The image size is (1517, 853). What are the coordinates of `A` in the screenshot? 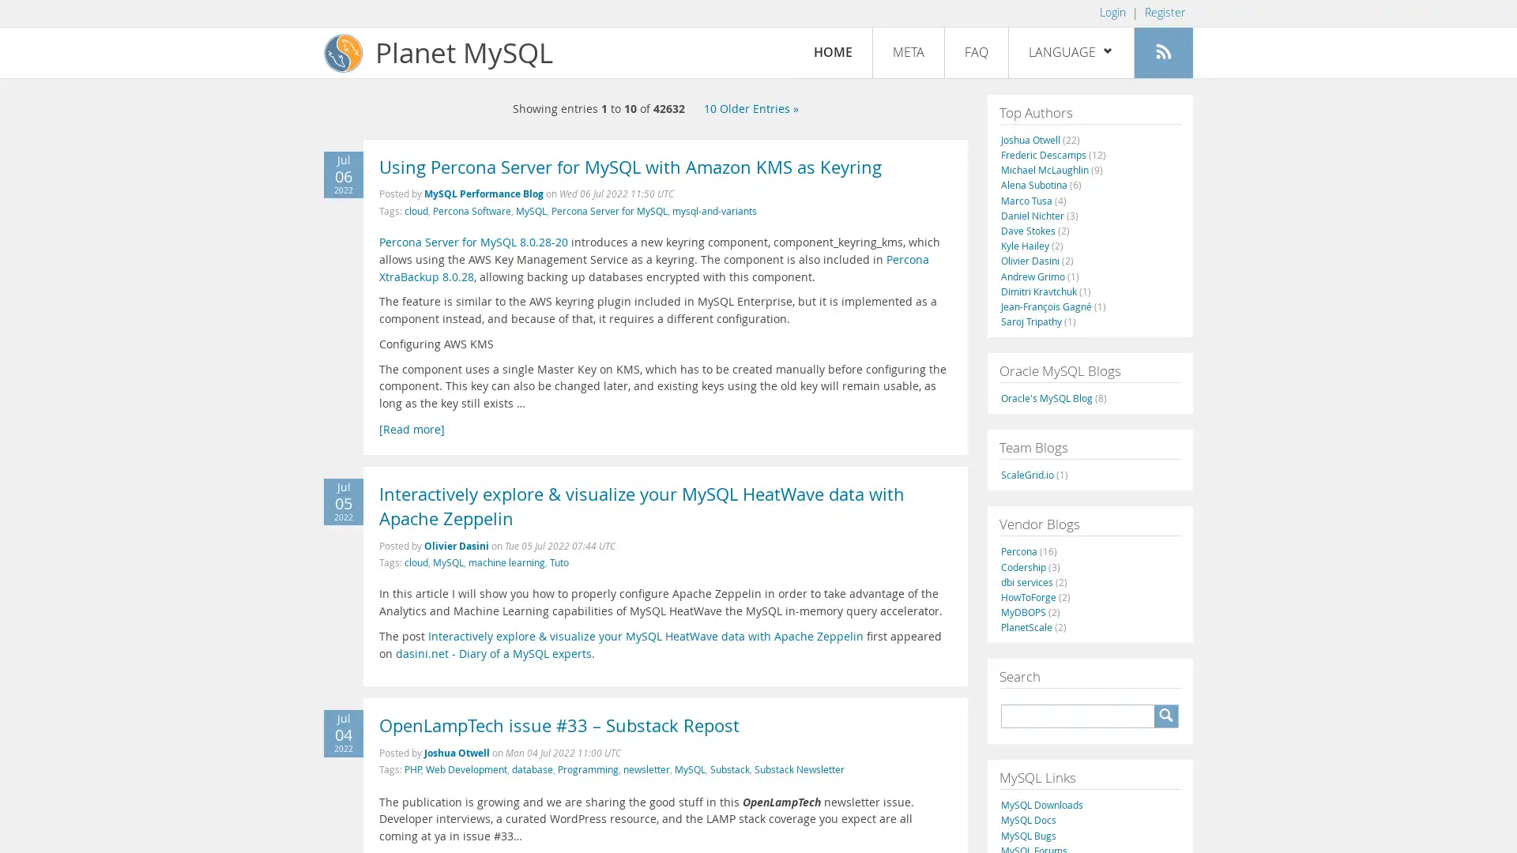 It's located at (1166, 716).